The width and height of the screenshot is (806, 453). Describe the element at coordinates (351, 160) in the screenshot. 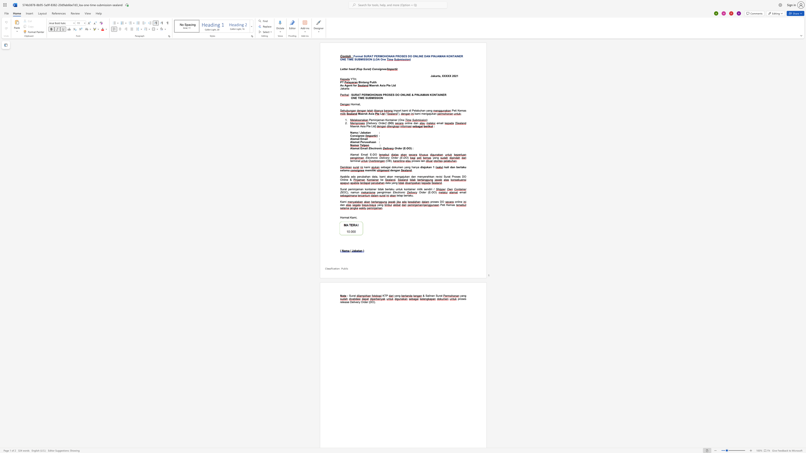

I see `the subset text "er" within the text "terminal"` at that location.